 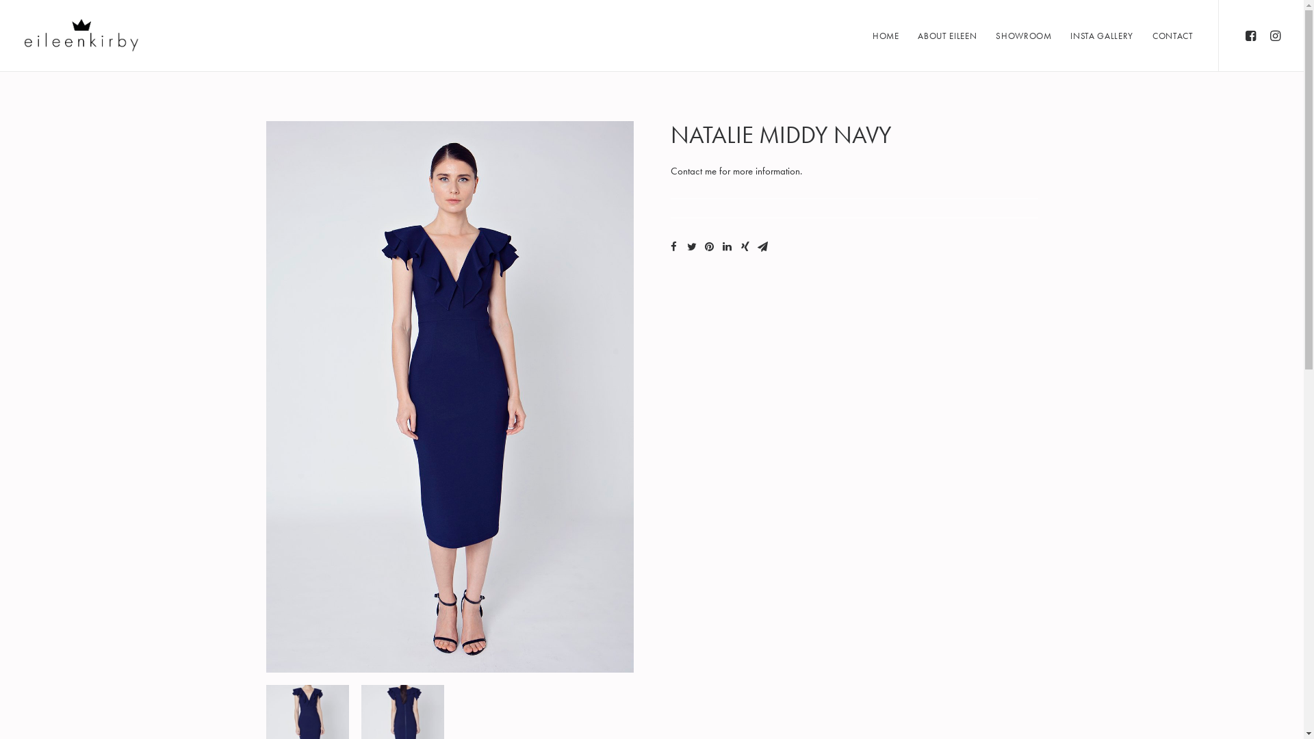 I want to click on 'INSTA GALLERY', so click(x=1060, y=34).